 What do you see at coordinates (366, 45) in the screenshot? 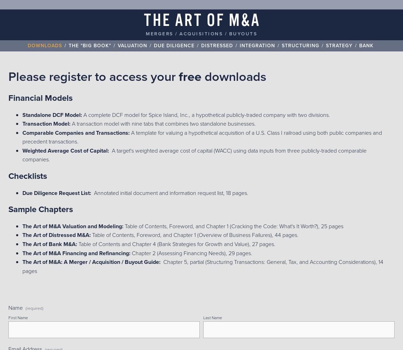
I see `'Bank'` at bounding box center [366, 45].